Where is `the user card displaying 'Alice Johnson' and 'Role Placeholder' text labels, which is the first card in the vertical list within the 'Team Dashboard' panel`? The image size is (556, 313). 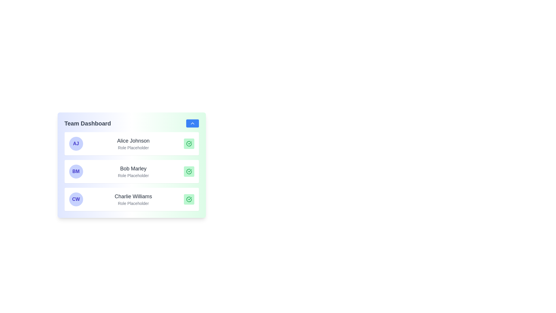
the user card displaying 'Alice Johnson' and 'Role Placeholder' text labels, which is the first card in the vertical list within the 'Team Dashboard' panel is located at coordinates (133, 143).